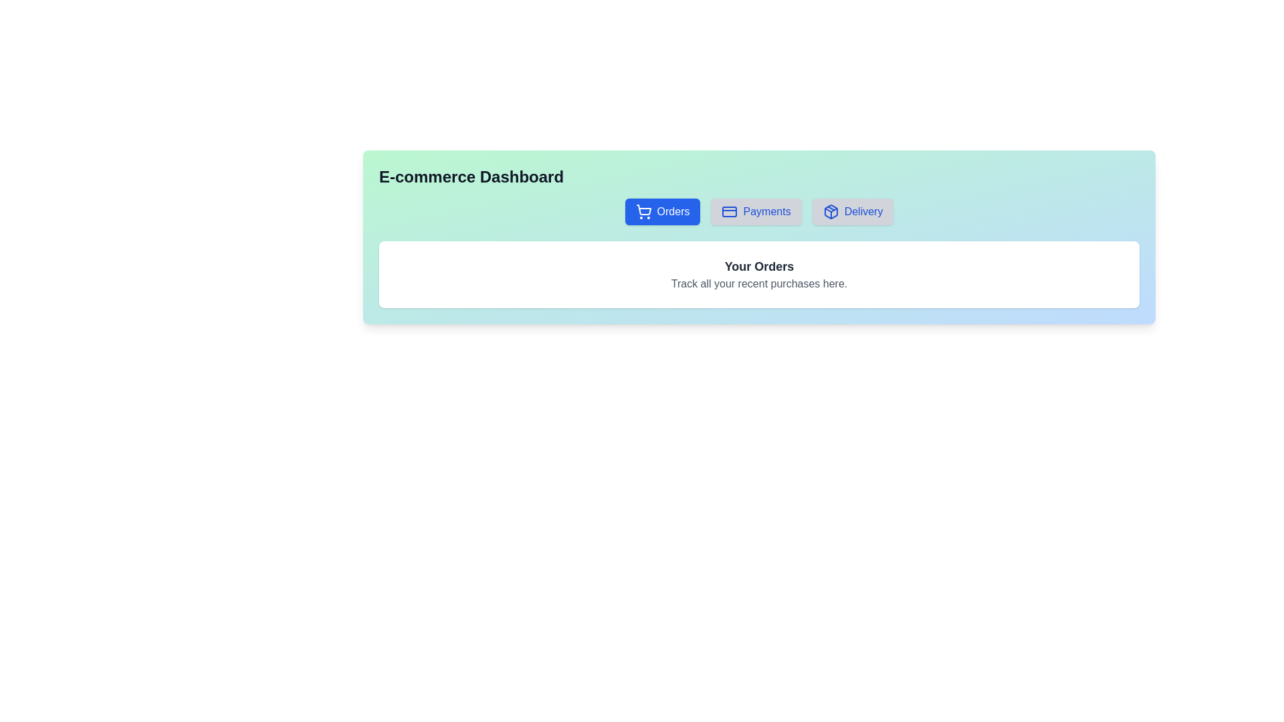 The width and height of the screenshot is (1284, 722). What do you see at coordinates (830, 211) in the screenshot?
I see `the 'Delivery' icon located in the upper right section of the interface` at bounding box center [830, 211].